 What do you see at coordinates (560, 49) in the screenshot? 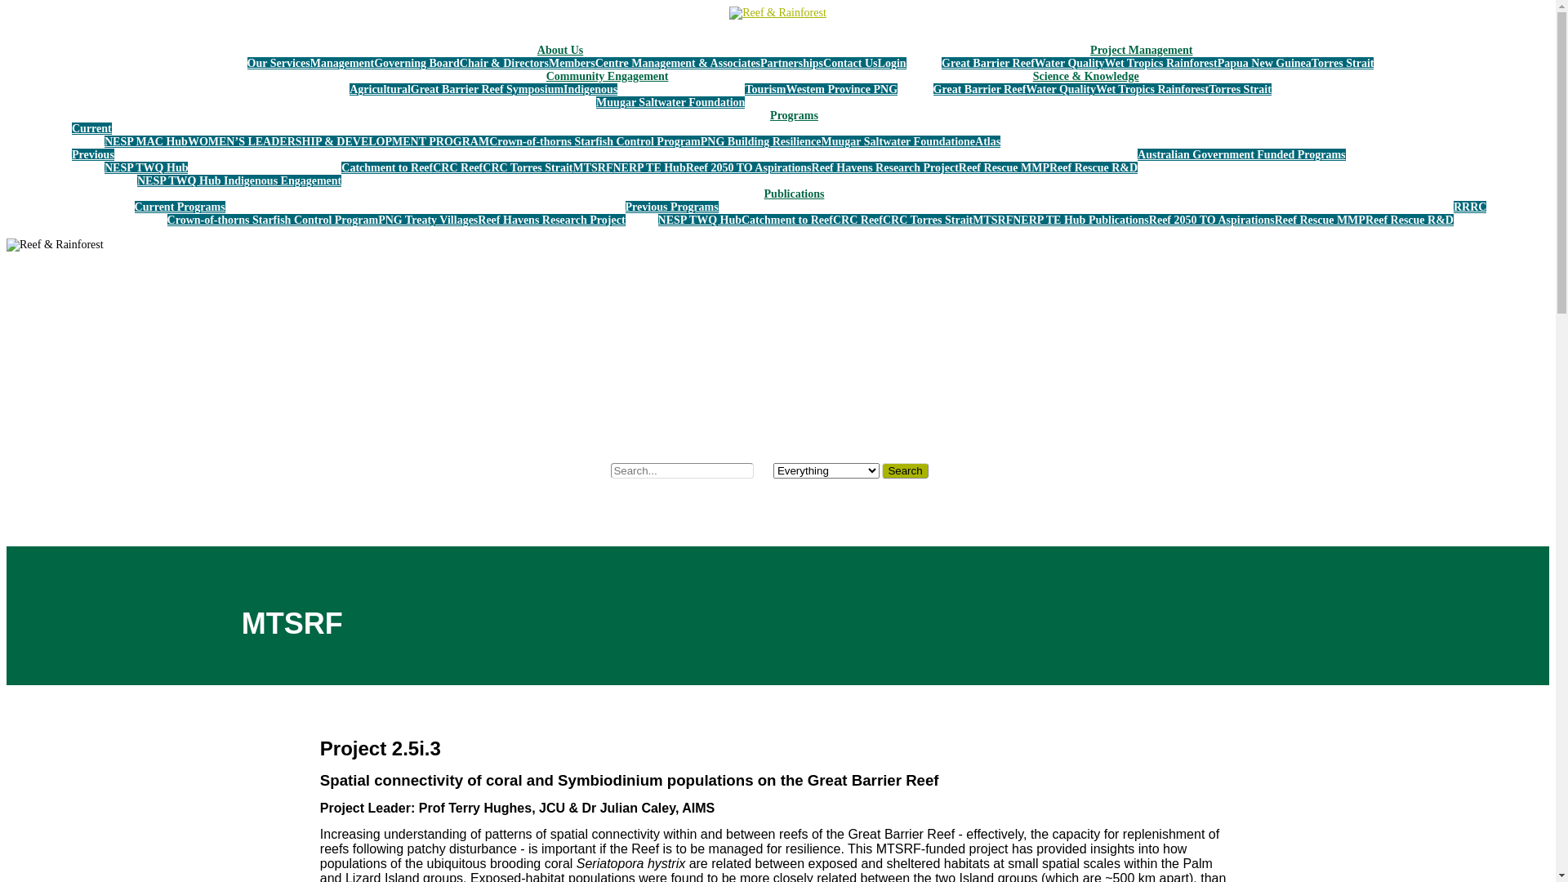
I see `'About Us'` at bounding box center [560, 49].